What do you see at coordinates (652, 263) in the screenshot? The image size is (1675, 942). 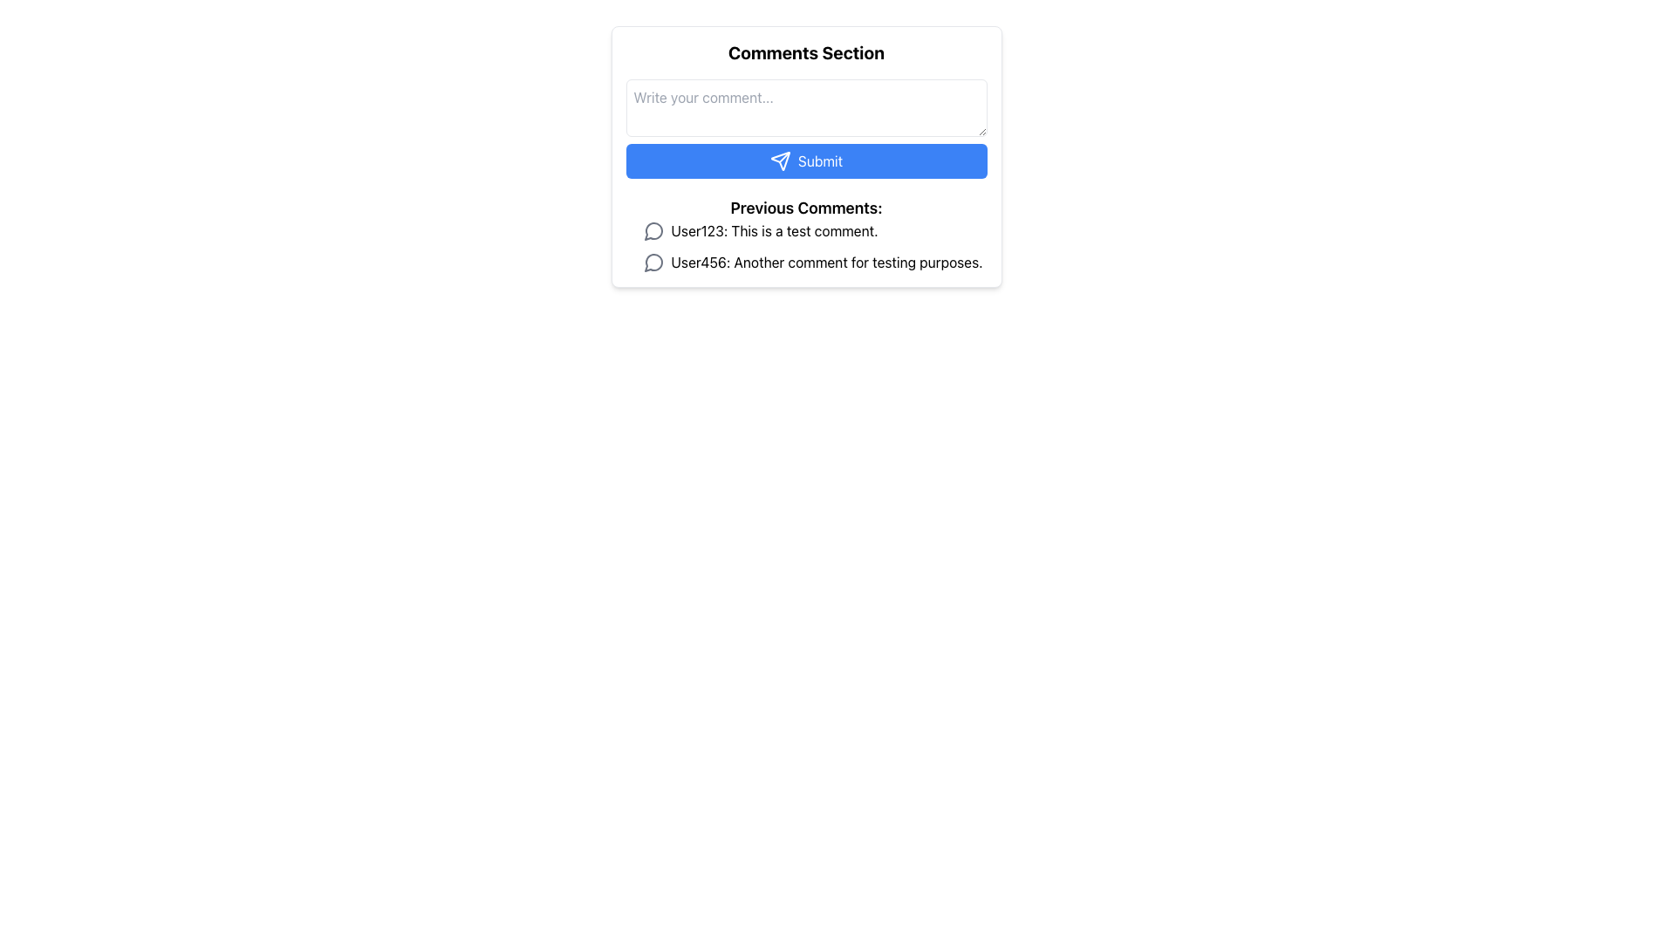 I see `the speech bubble icon associated with the second comment 'User456: Another comment for testing purposes' in the comments section` at bounding box center [652, 263].